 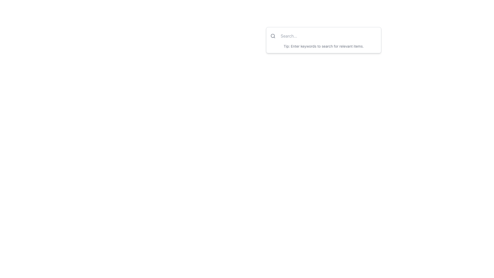 I want to click on the gray minimalist magnifying glass icon, so click(x=272, y=36).